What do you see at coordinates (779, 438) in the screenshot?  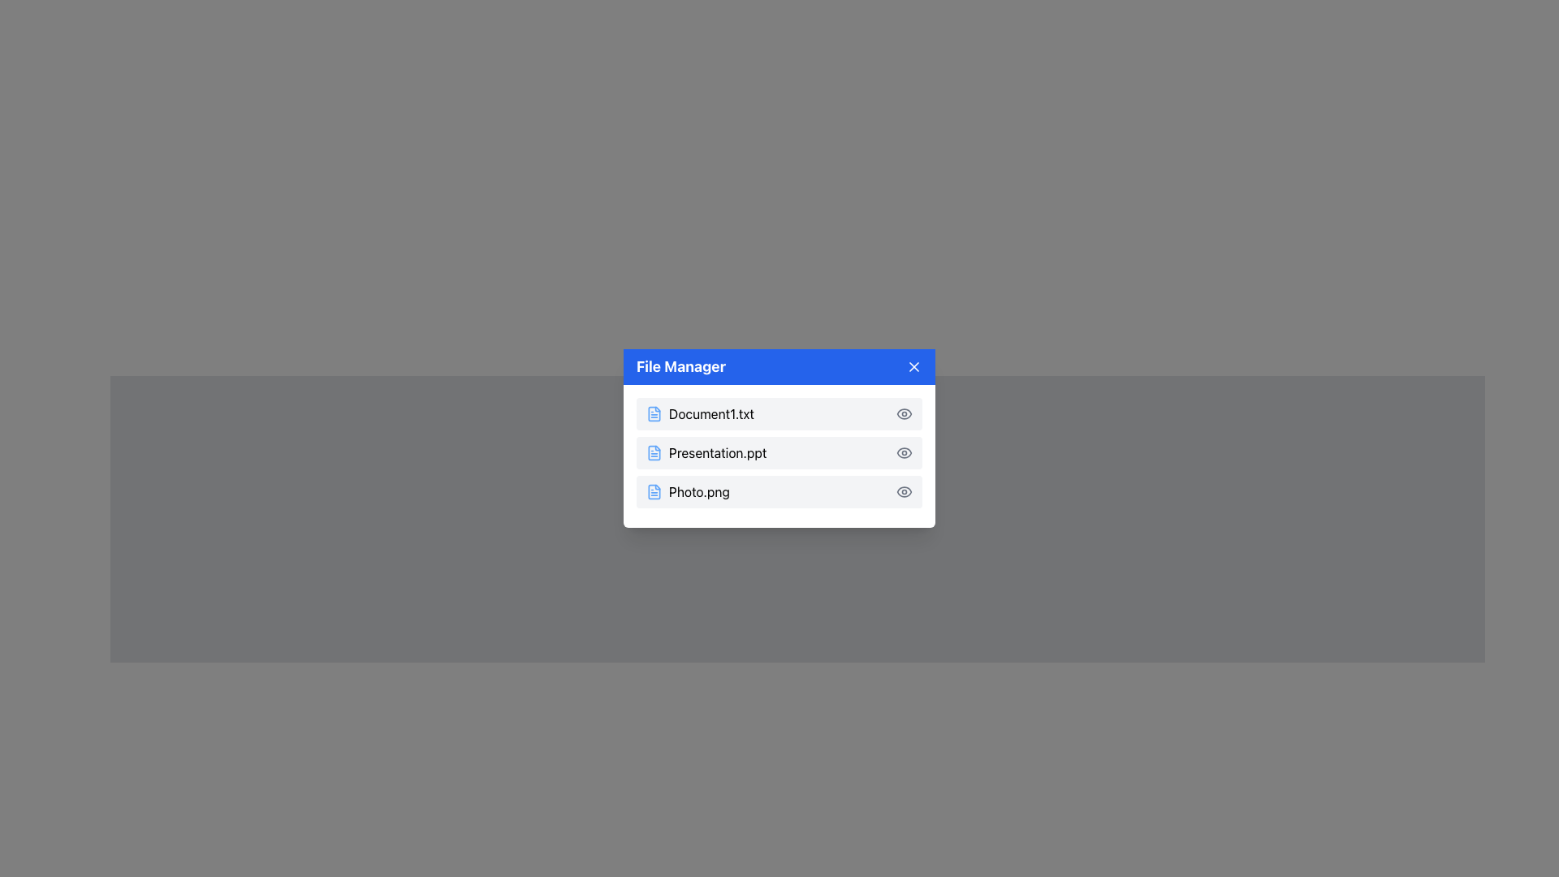 I see `the second row of the File Manager modal dialog, which displays 'Presentation.ppt'` at bounding box center [779, 438].